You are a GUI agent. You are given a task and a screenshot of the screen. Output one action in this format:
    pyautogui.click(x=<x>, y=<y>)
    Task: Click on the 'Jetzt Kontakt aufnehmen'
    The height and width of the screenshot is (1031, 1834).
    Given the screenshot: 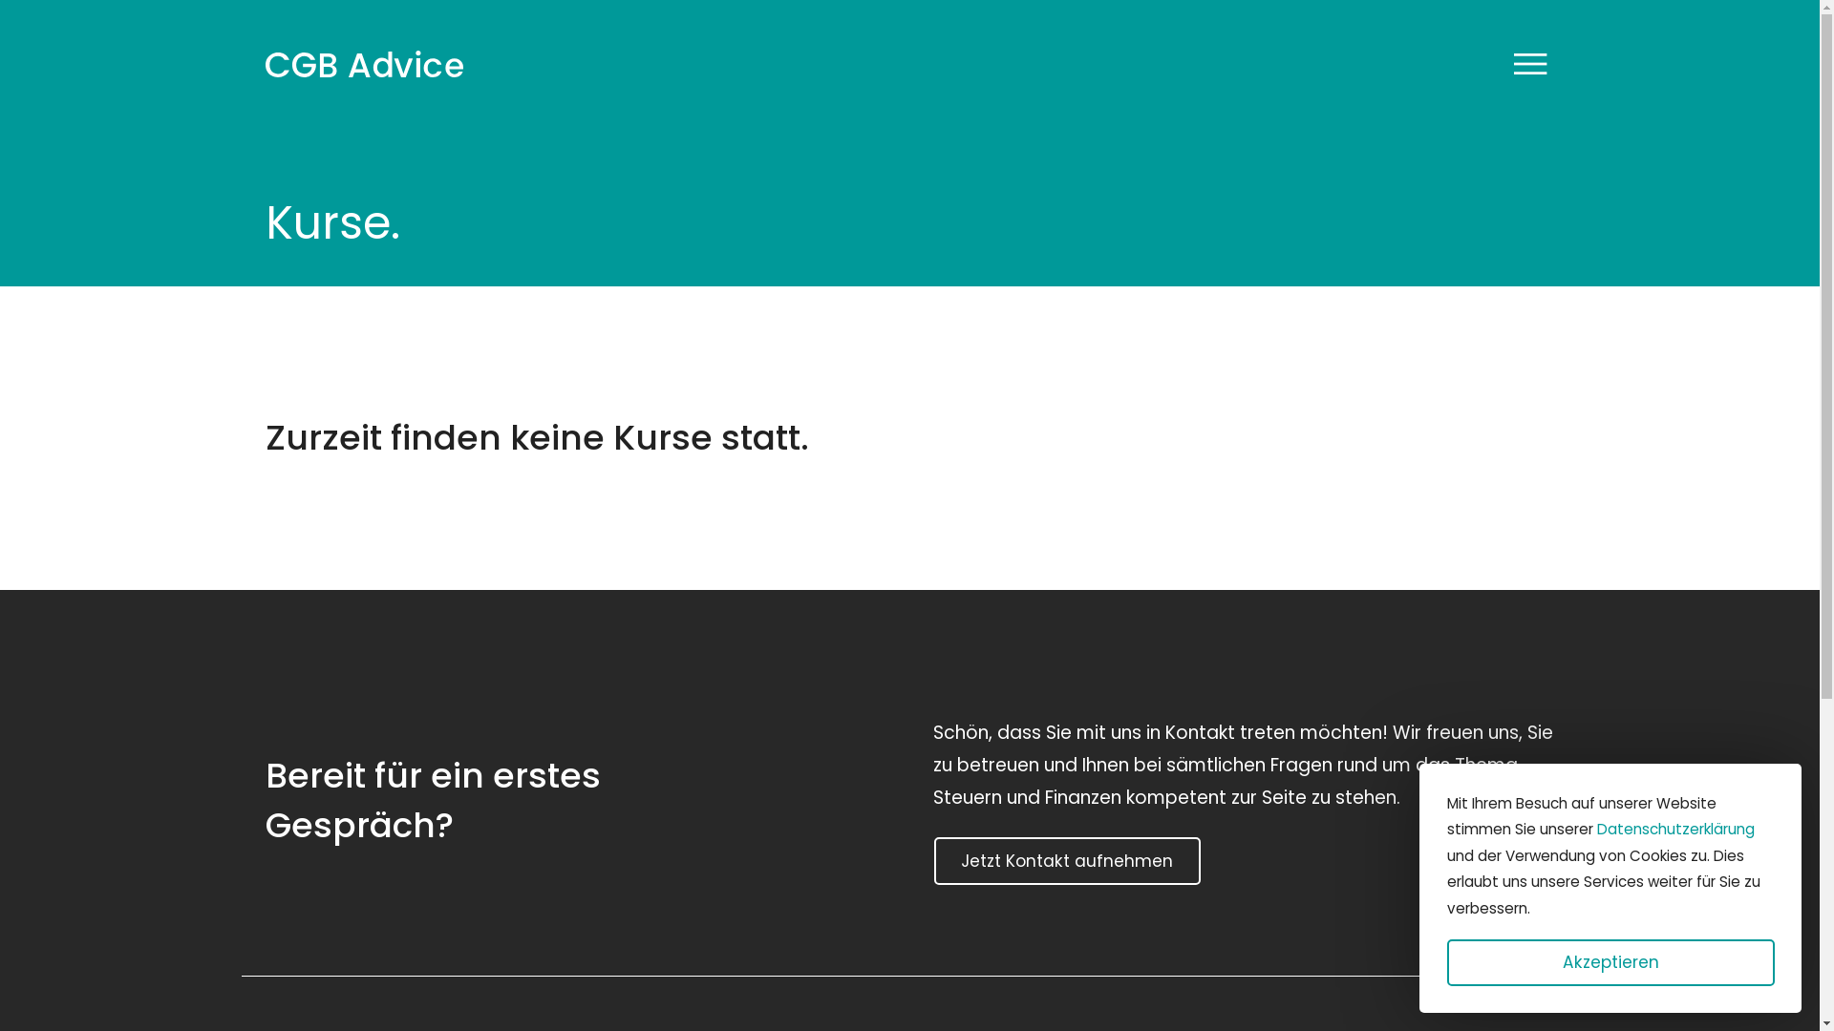 What is the action you would take?
    pyautogui.click(x=1066, y=861)
    